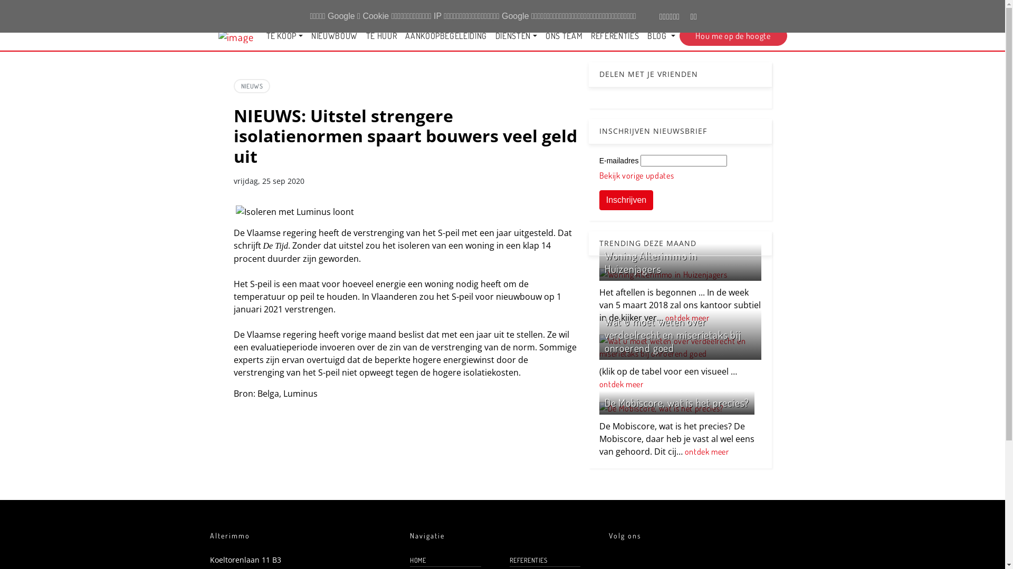 The width and height of the screenshot is (1013, 569). What do you see at coordinates (733, 35) in the screenshot?
I see `'Hou me op de hoogte'` at bounding box center [733, 35].